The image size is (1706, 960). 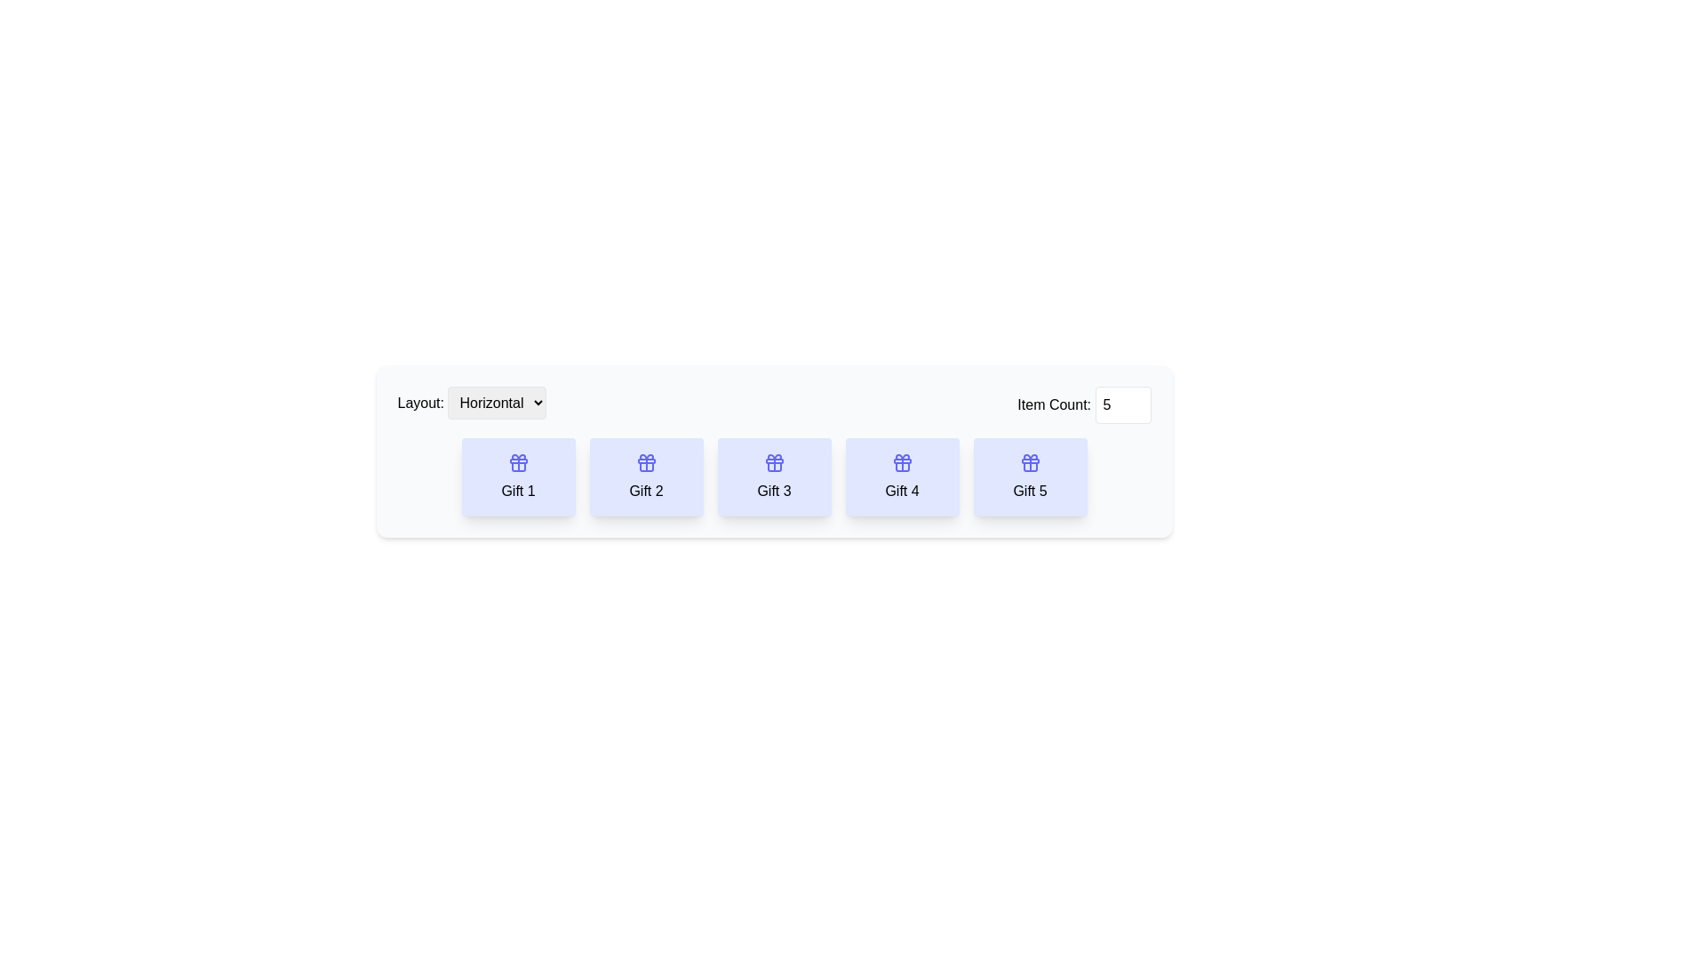 What do you see at coordinates (645, 476) in the screenshot?
I see `the second card labeled 'Gift 2' in the list` at bounding box center [645, 476].